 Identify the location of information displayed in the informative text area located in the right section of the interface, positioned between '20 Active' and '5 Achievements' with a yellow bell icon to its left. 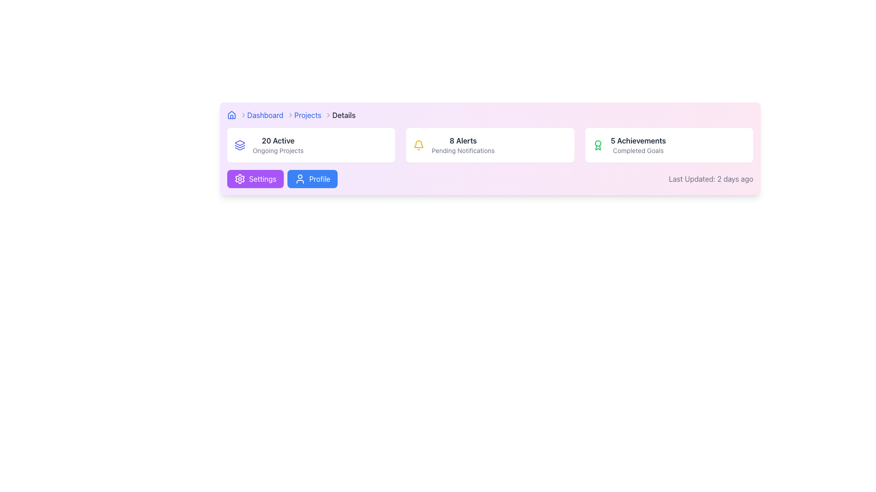
(463, 145).